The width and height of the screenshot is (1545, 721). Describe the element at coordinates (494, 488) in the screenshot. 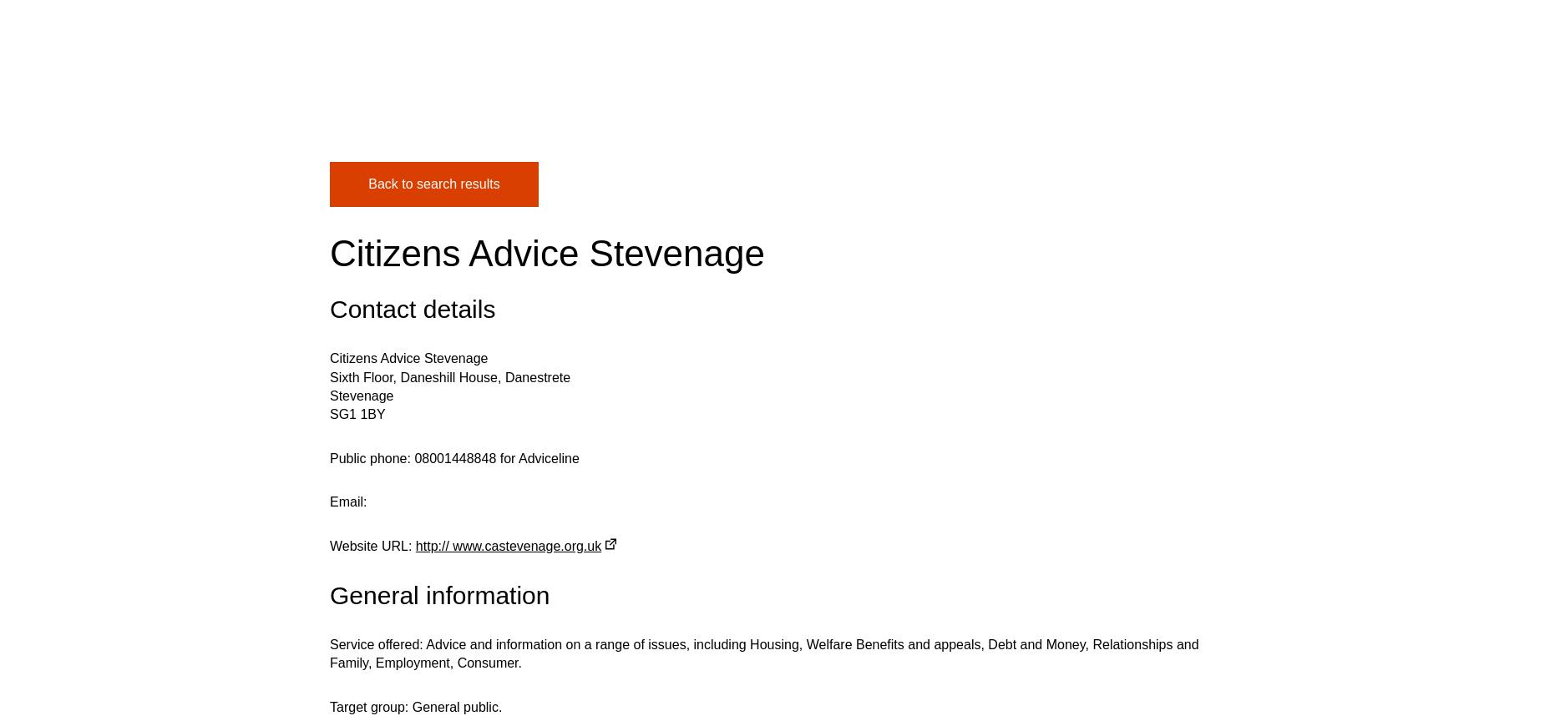

I see `'07 July 2023'` at that location.